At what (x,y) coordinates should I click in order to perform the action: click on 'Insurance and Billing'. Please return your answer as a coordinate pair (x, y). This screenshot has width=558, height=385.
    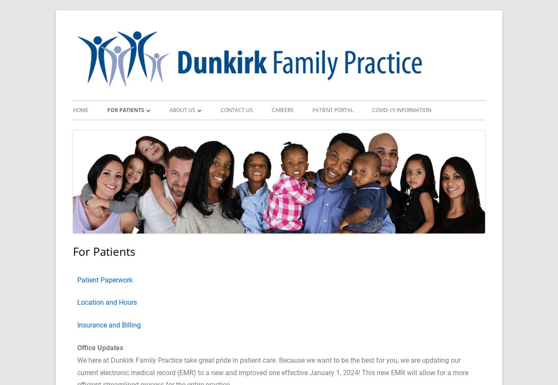
    Looking at the image, I should click on (77, 325).